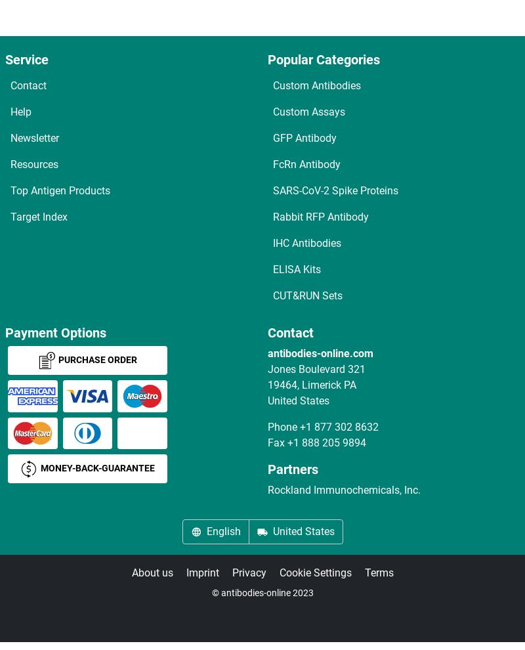  I want to click on 'POH Antibodies', so click(62, 533).